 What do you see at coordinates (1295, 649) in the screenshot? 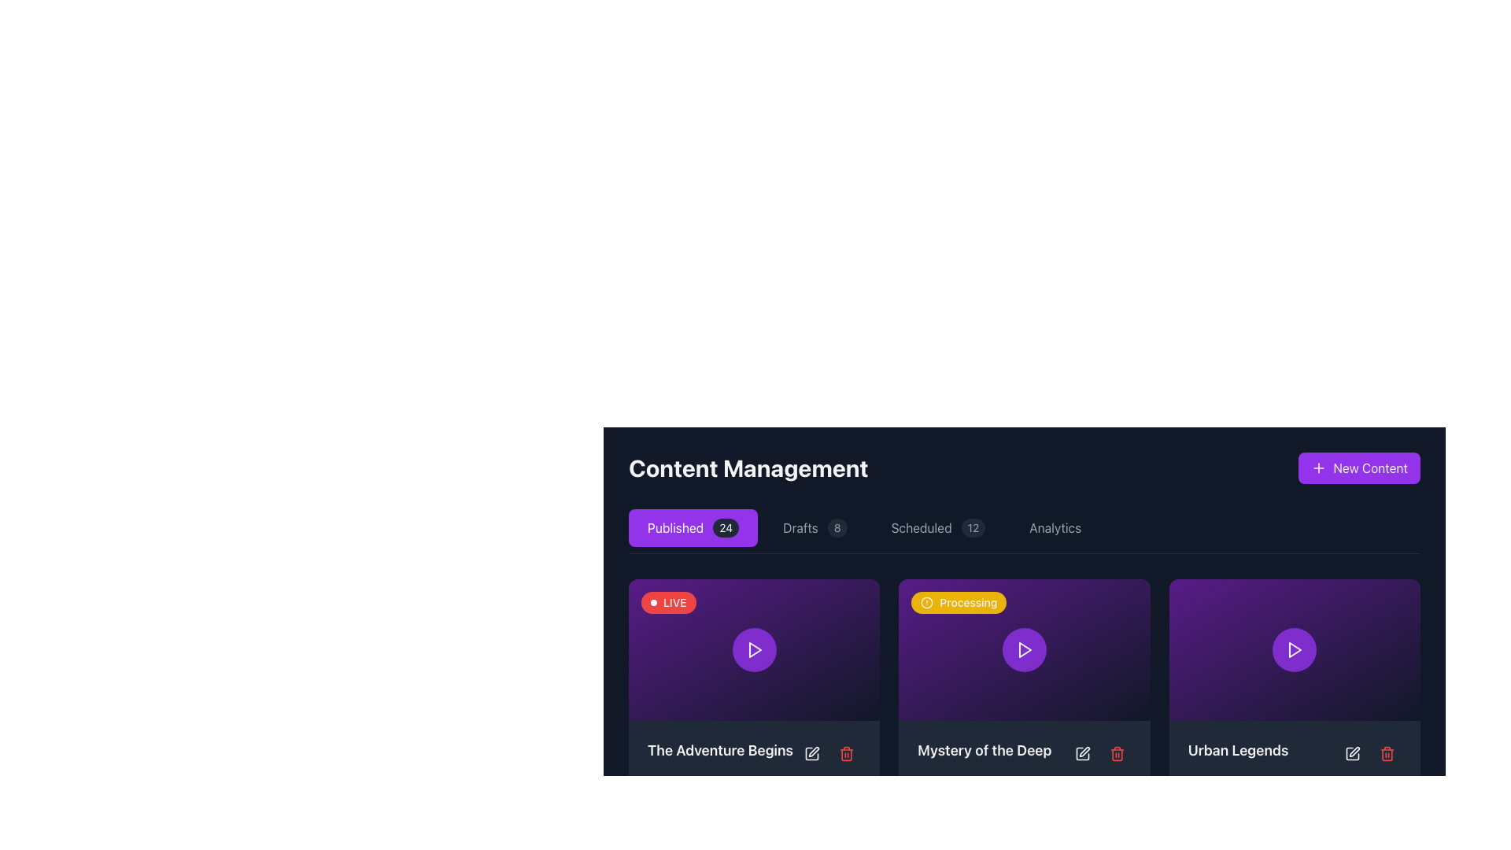
I see `the circular play button with a white play icon at the center of the 'Urban Legends' card` at bounding box center [1295, 649].